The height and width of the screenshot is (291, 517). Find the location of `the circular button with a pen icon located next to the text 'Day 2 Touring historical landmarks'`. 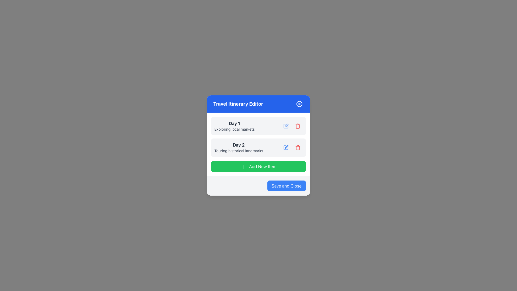

the circular button with a pen icon located next to the text 'Day 2 Touring historical landmarks' is located at coordinates (285, 147).